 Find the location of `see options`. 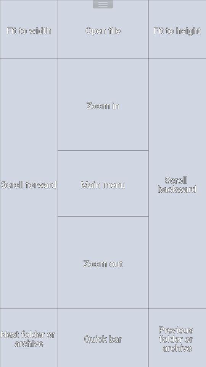

see options is located at coordinates (103, 5).